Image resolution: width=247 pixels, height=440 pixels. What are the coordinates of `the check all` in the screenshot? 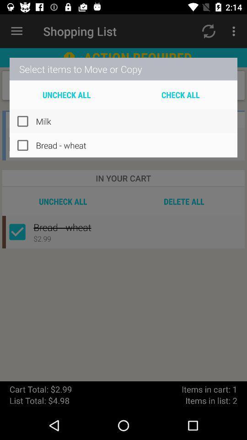 It's located at (180, 94).